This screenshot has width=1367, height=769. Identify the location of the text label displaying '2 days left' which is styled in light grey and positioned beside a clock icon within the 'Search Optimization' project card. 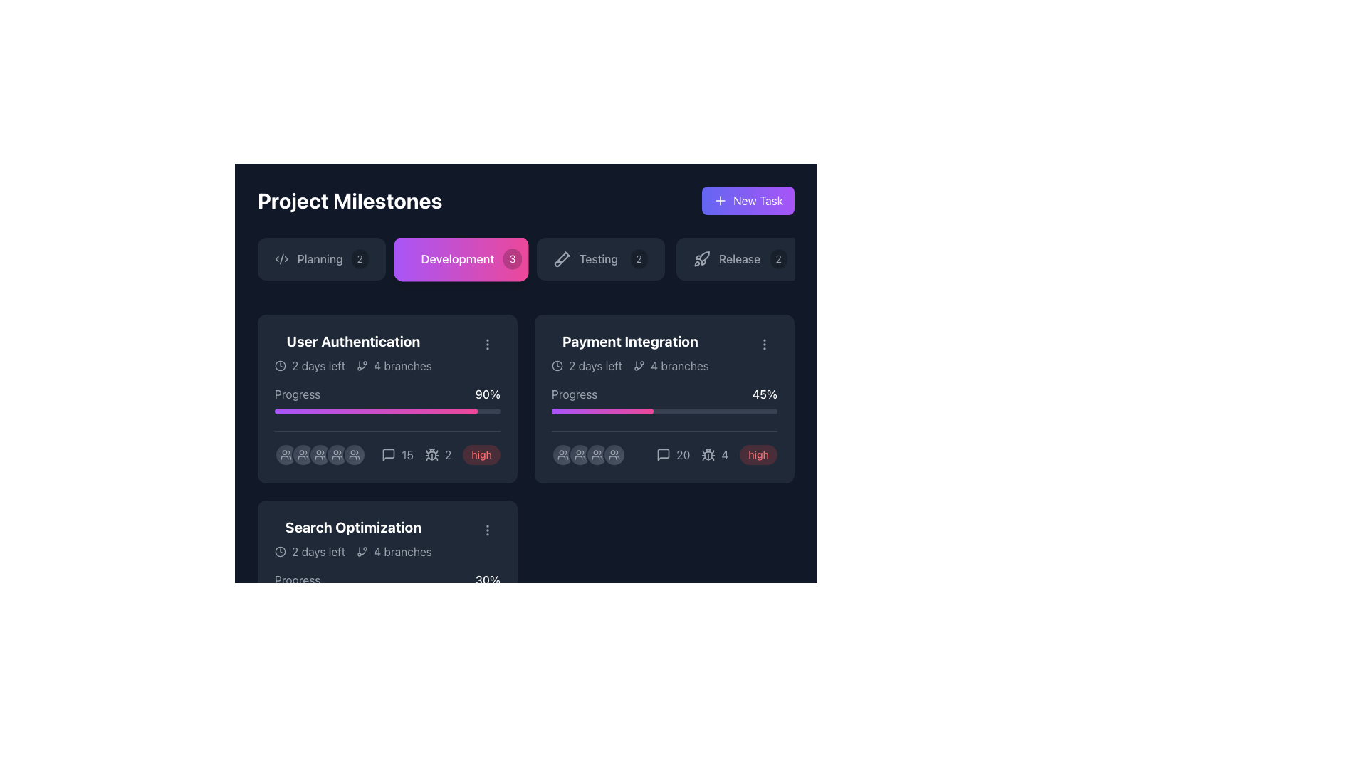
(318, 551).